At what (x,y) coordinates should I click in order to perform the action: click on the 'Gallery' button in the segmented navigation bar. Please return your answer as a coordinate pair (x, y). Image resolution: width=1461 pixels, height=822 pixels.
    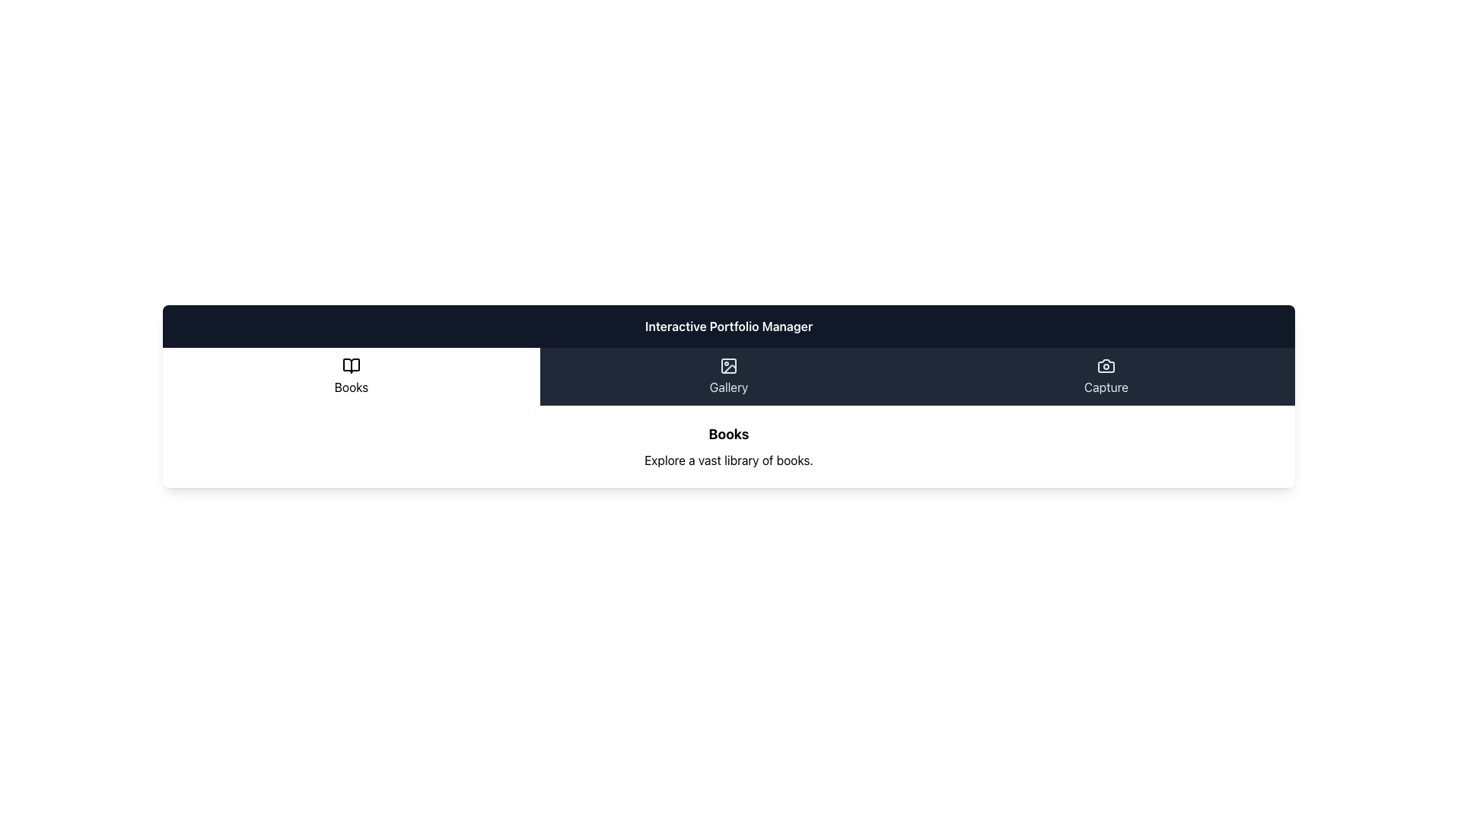
    Looking at the image, I should click on (728, 376).